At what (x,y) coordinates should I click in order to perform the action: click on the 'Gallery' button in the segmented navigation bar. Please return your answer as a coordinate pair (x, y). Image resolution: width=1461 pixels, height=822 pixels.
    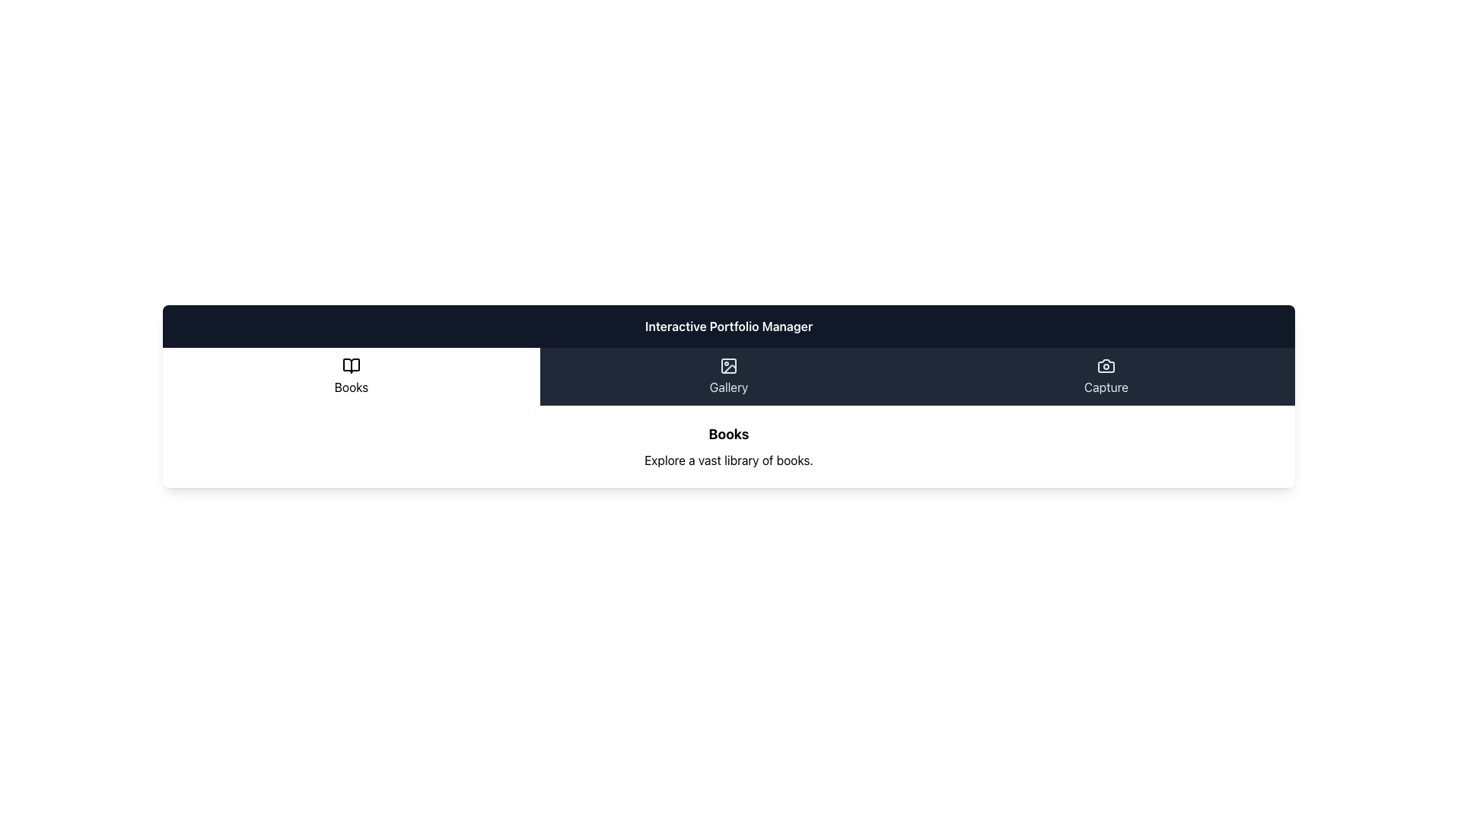
    Looking at the image, I should click on (728, 376).